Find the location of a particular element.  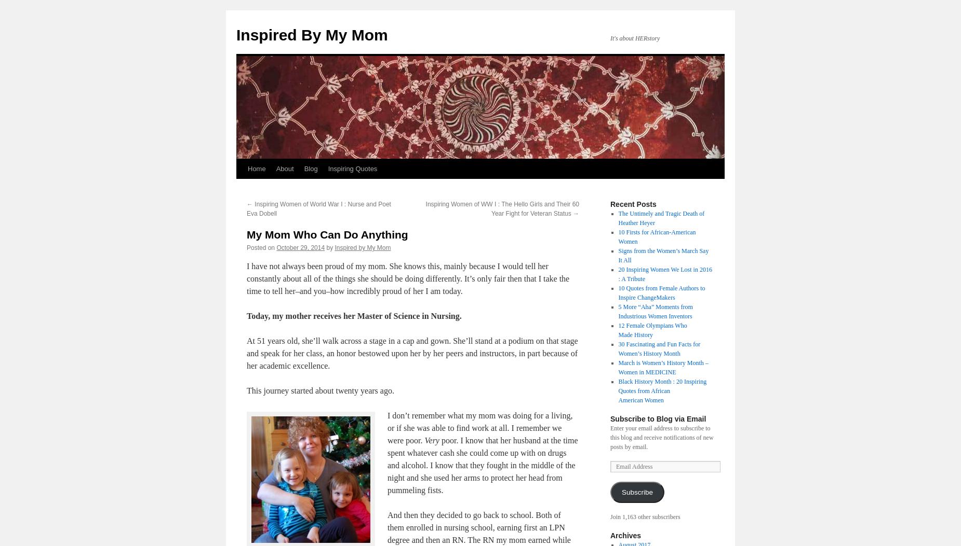

'poor. I know that her husband at the time spent whatever cash she could come up with on drugs and alcohol. I know that they fought in the middle of the night and she used her arms to protect her head from pummeling fists.' is located at coordinates (482, 465).